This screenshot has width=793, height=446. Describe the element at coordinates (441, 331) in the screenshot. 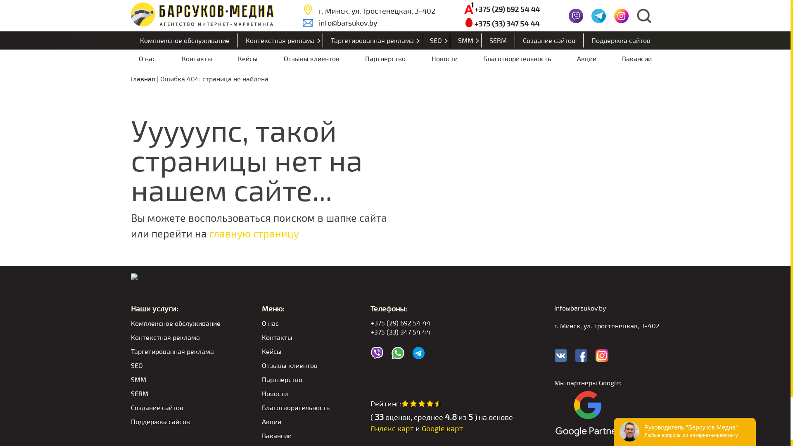

I see `'+375 (33) 347 54 44'` at that location.